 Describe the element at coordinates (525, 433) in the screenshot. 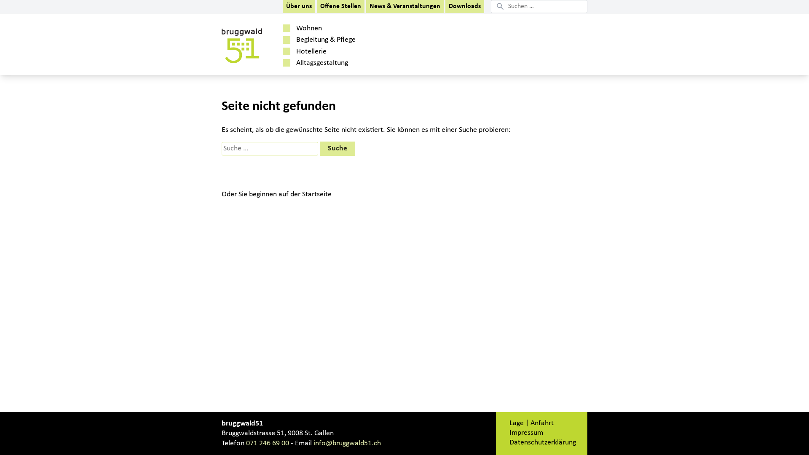

I see `'Impressum'` at that location.